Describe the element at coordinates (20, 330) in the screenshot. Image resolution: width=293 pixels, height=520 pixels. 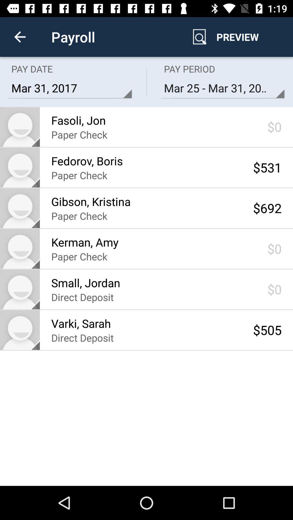
I see `person` at that location.